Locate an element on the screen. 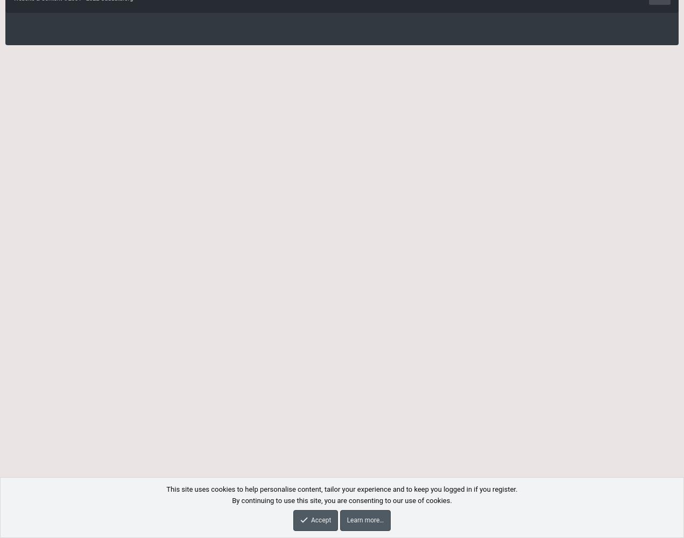  'This site uses cookies to help personalise content, tailor your experience and to keep you logged in if you register.' is located at coordinates (341, 489).